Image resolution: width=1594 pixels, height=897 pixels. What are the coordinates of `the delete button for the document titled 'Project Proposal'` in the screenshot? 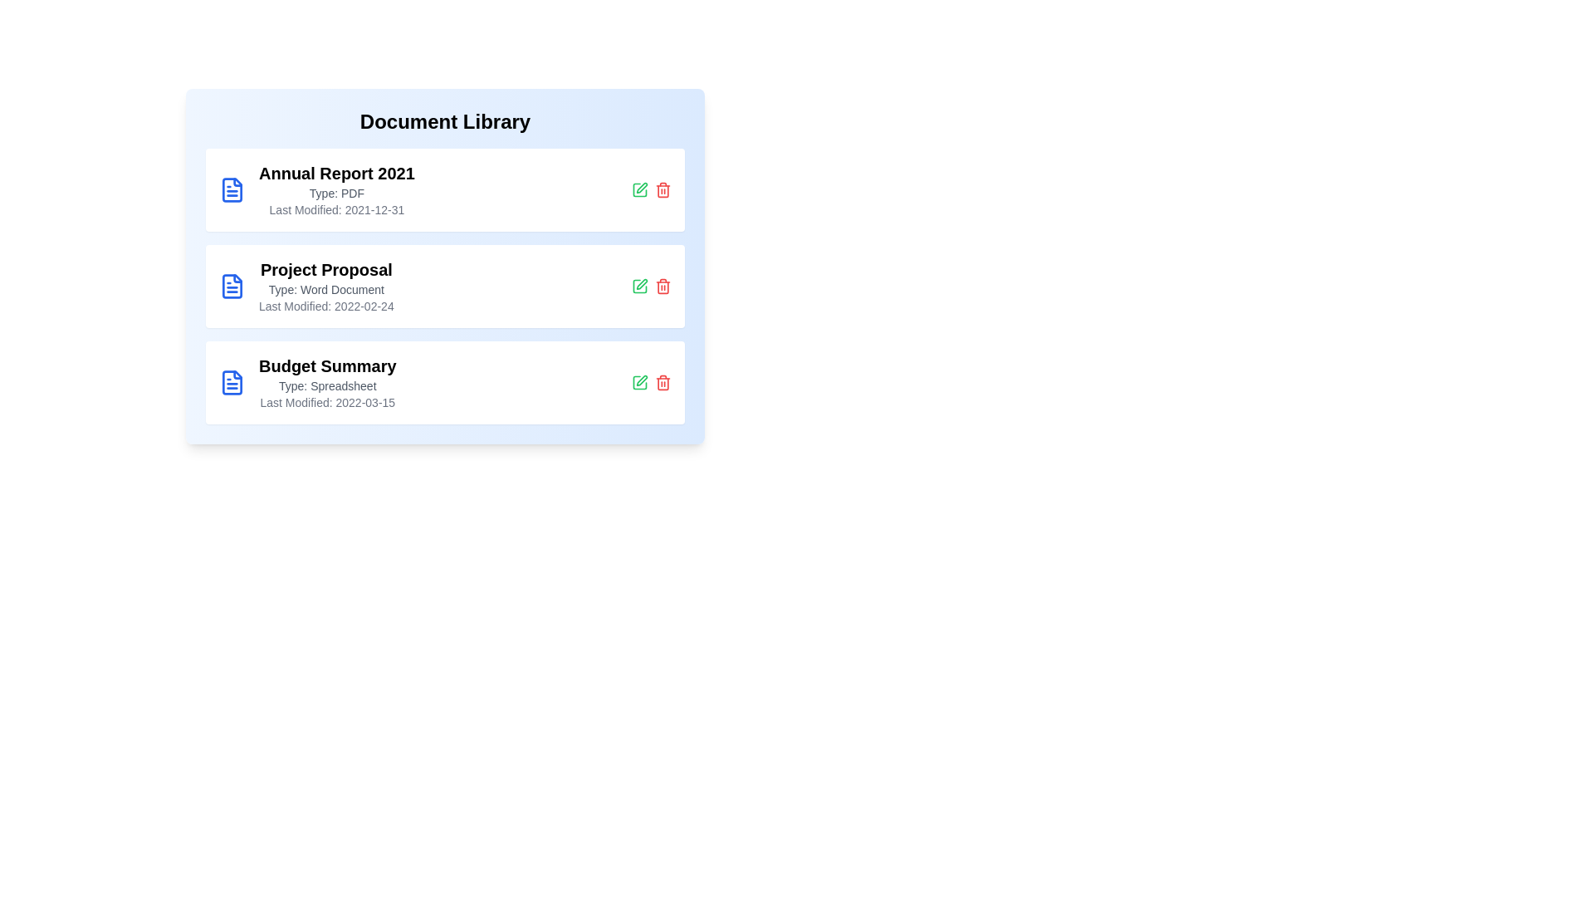 It's located at (662, 285).